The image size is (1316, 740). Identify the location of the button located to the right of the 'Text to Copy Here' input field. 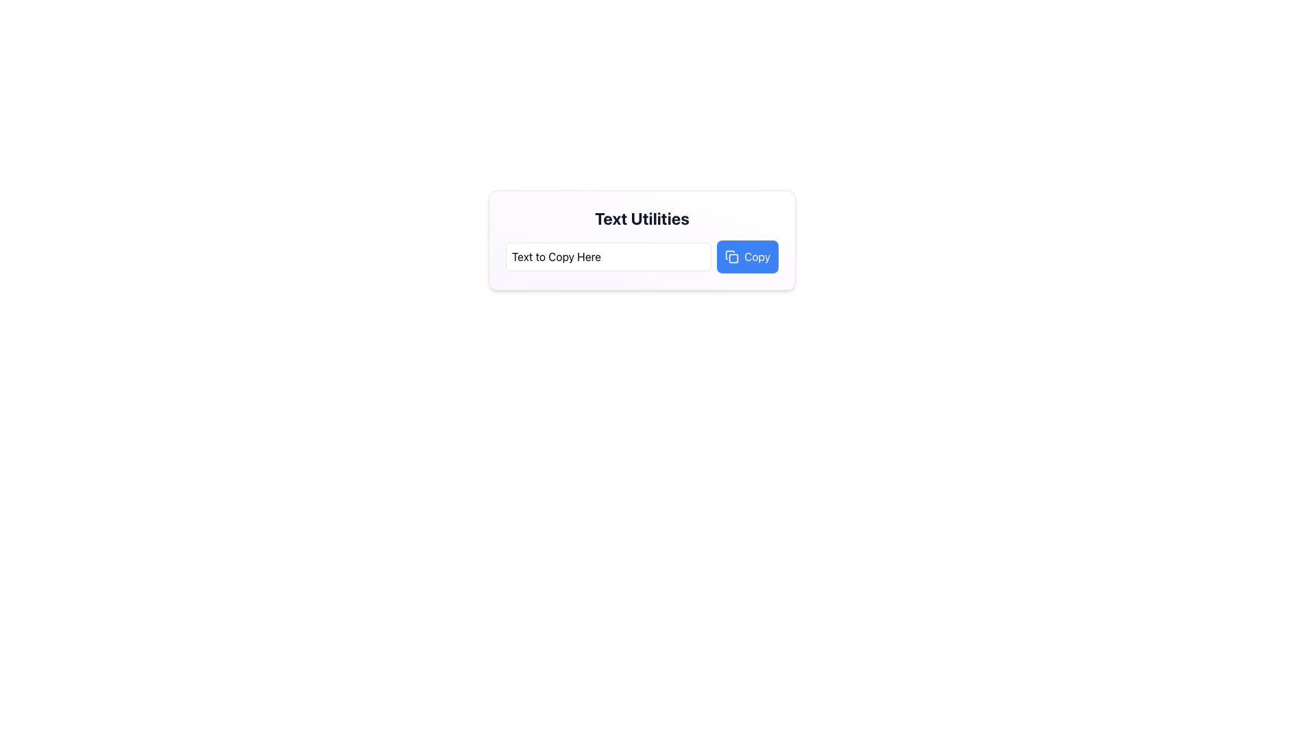
(746, 256).